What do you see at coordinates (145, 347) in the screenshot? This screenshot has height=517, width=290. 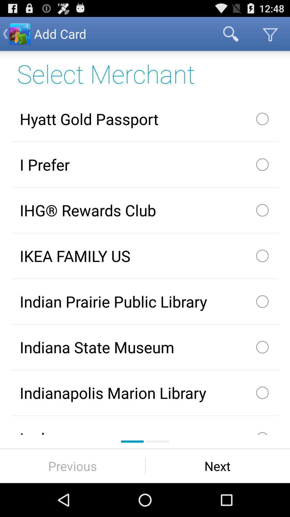 I see `the icon below the indian prairie public icon` at bounding box center [145, 347].